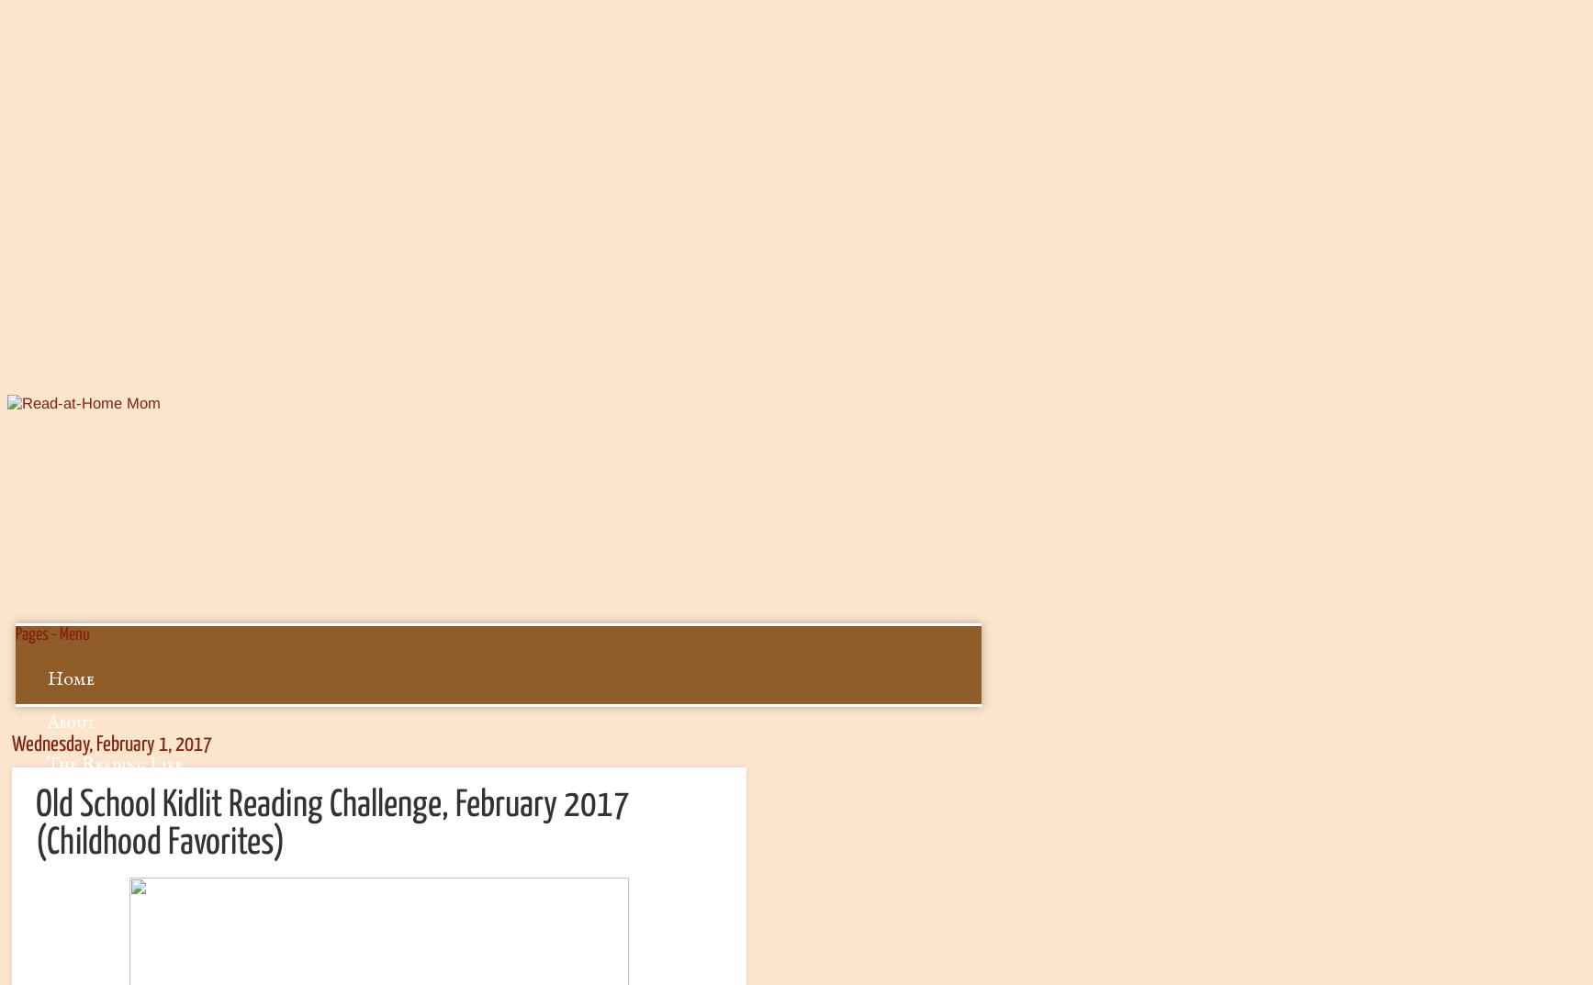 The height and width of the screenshot is (985, 1593). What do you see at coordinates (48, 678) in the screenshot?
I see `'Home'` at bounding box center [48, 678].